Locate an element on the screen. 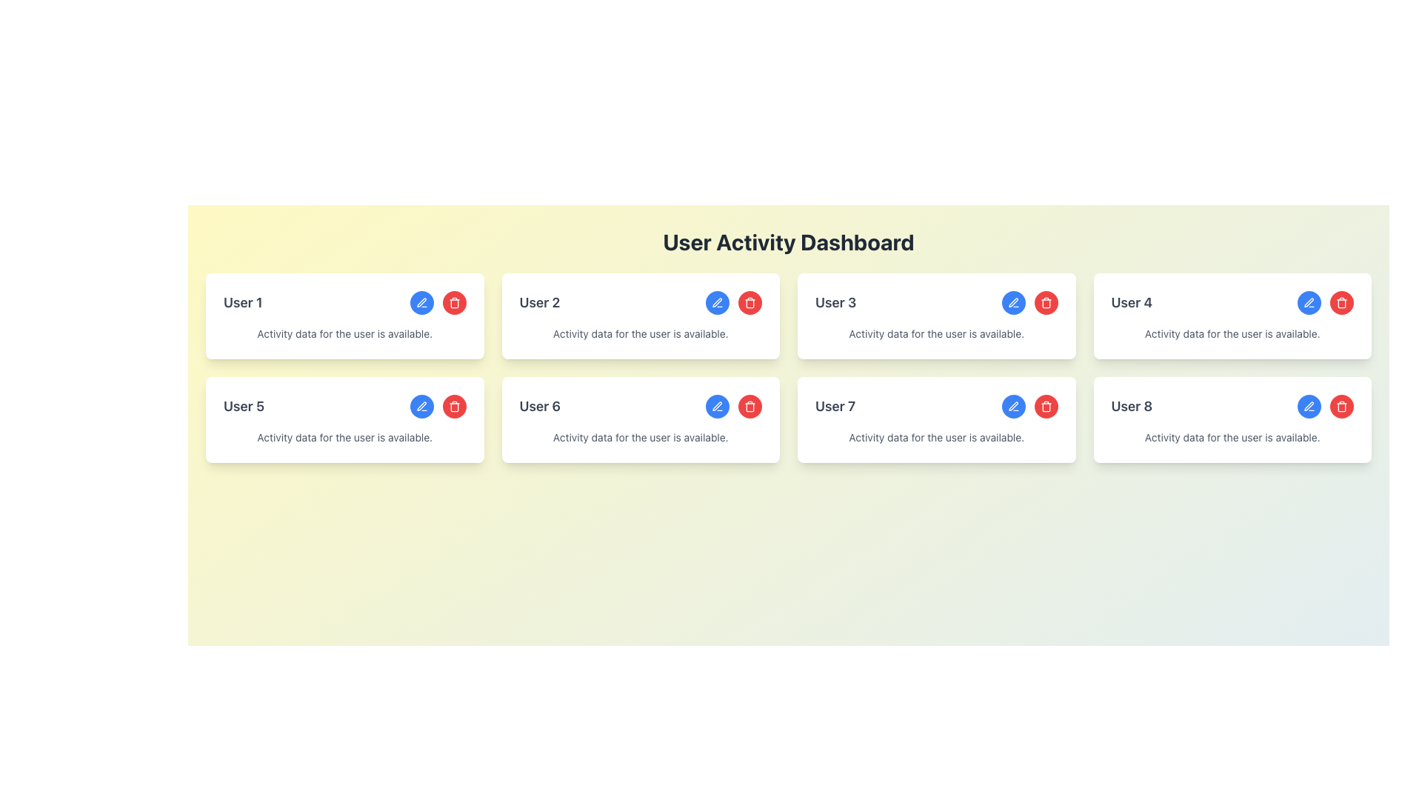  the circular red button with a white trash icon located at the right end of the button group on the card labeled 'User 3' is located at coordinates (1045, 301).